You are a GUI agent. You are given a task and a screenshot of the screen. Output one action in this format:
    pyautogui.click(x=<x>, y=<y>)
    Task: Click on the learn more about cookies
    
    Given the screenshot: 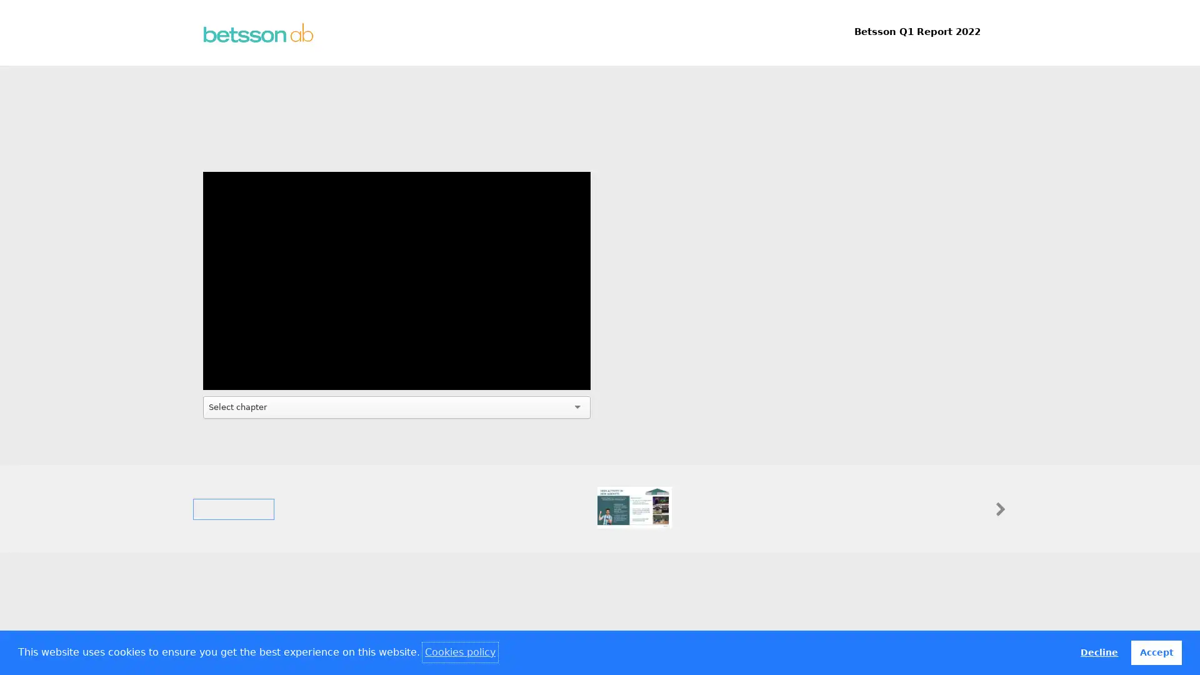 What is the action you would take?
    pyautogui.click(x=459, y=652)
    